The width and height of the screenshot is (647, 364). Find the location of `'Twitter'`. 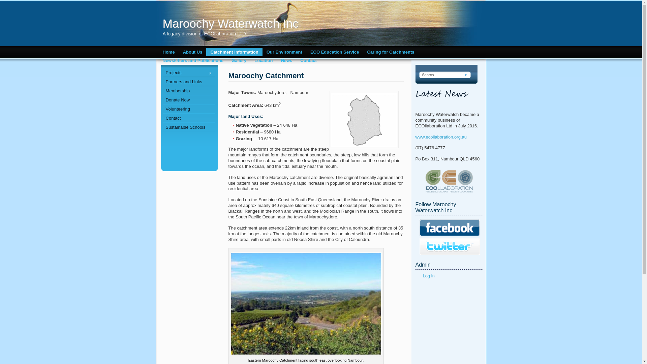

'Twitter' is located at coordinates (450, 247).